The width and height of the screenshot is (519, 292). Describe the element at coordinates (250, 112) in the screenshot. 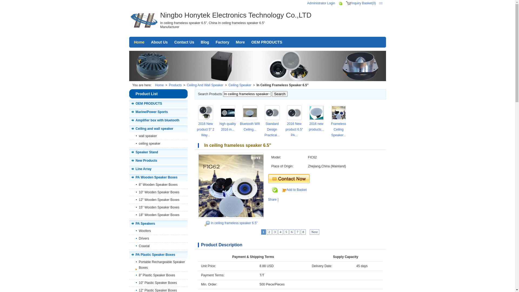

I see `'Bluetooth Wifi Ceiling Speaker Waterproof for bathroom'` at that location.